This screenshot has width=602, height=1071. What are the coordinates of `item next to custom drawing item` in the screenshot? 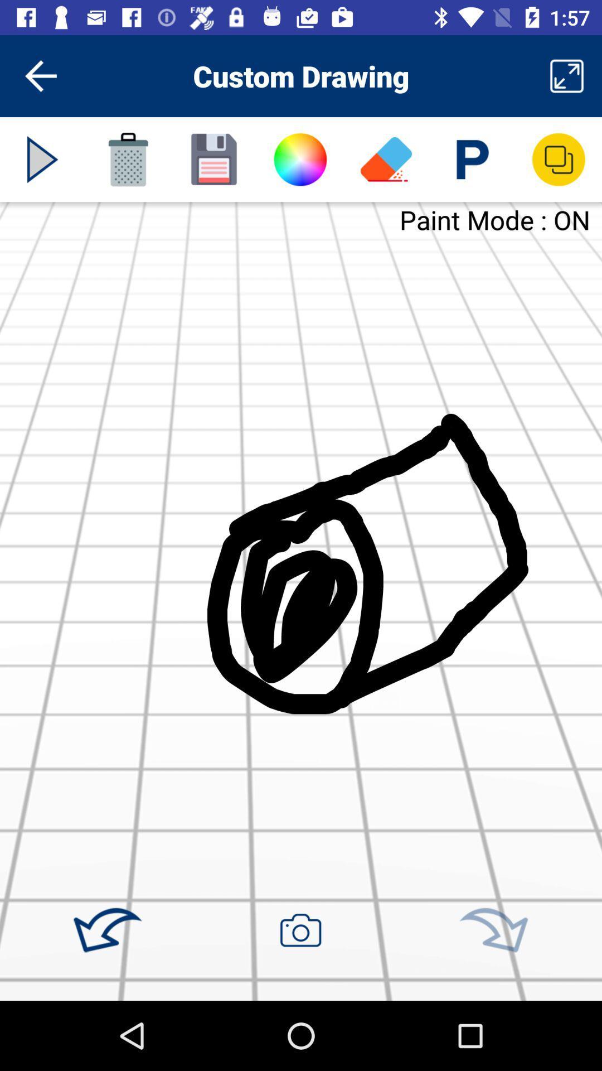 It's located at (567, 75).